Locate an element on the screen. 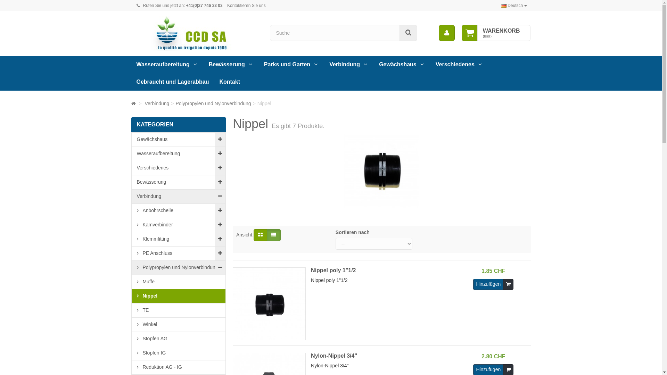 This screenshot has width=667, height=375. 'Nippel' is located at coordinates (178, 296).